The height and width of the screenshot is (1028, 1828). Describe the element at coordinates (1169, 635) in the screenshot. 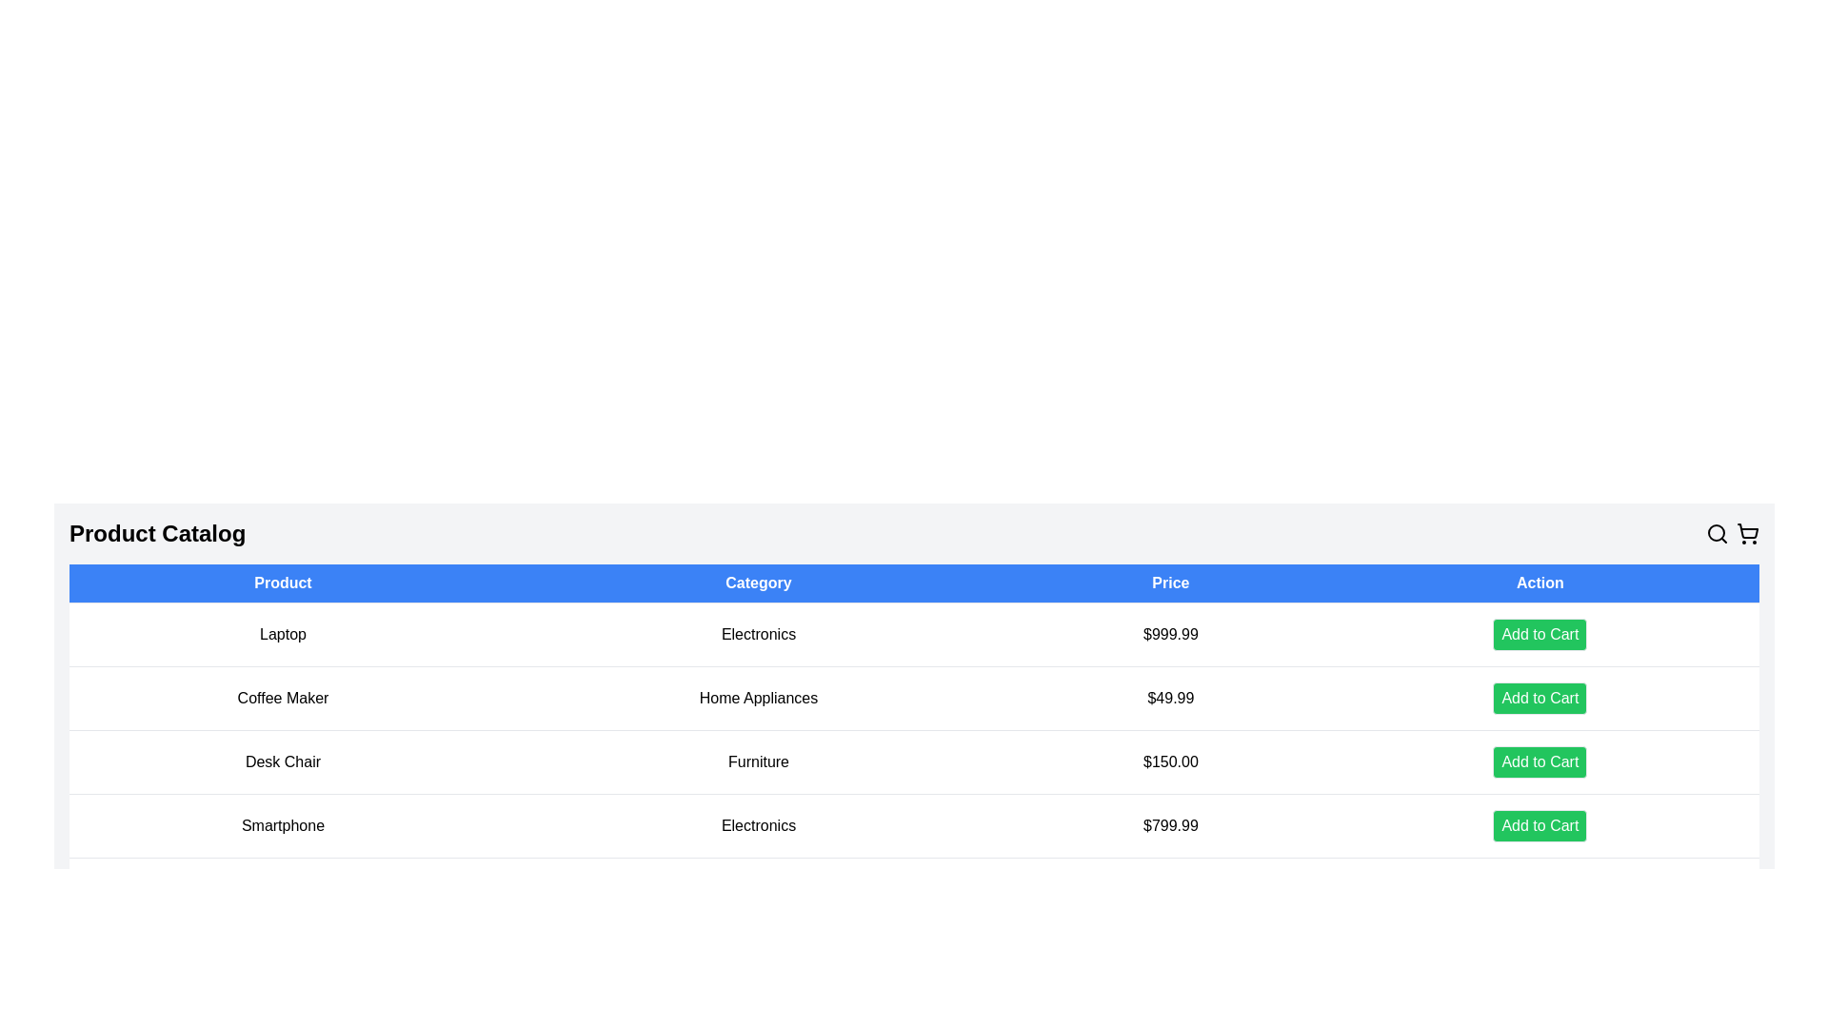

I see `the Text label displaying the price of the product, located in the first row under the 'Price' header, between 'Electronics' and 'Add to Cart'` at that location.